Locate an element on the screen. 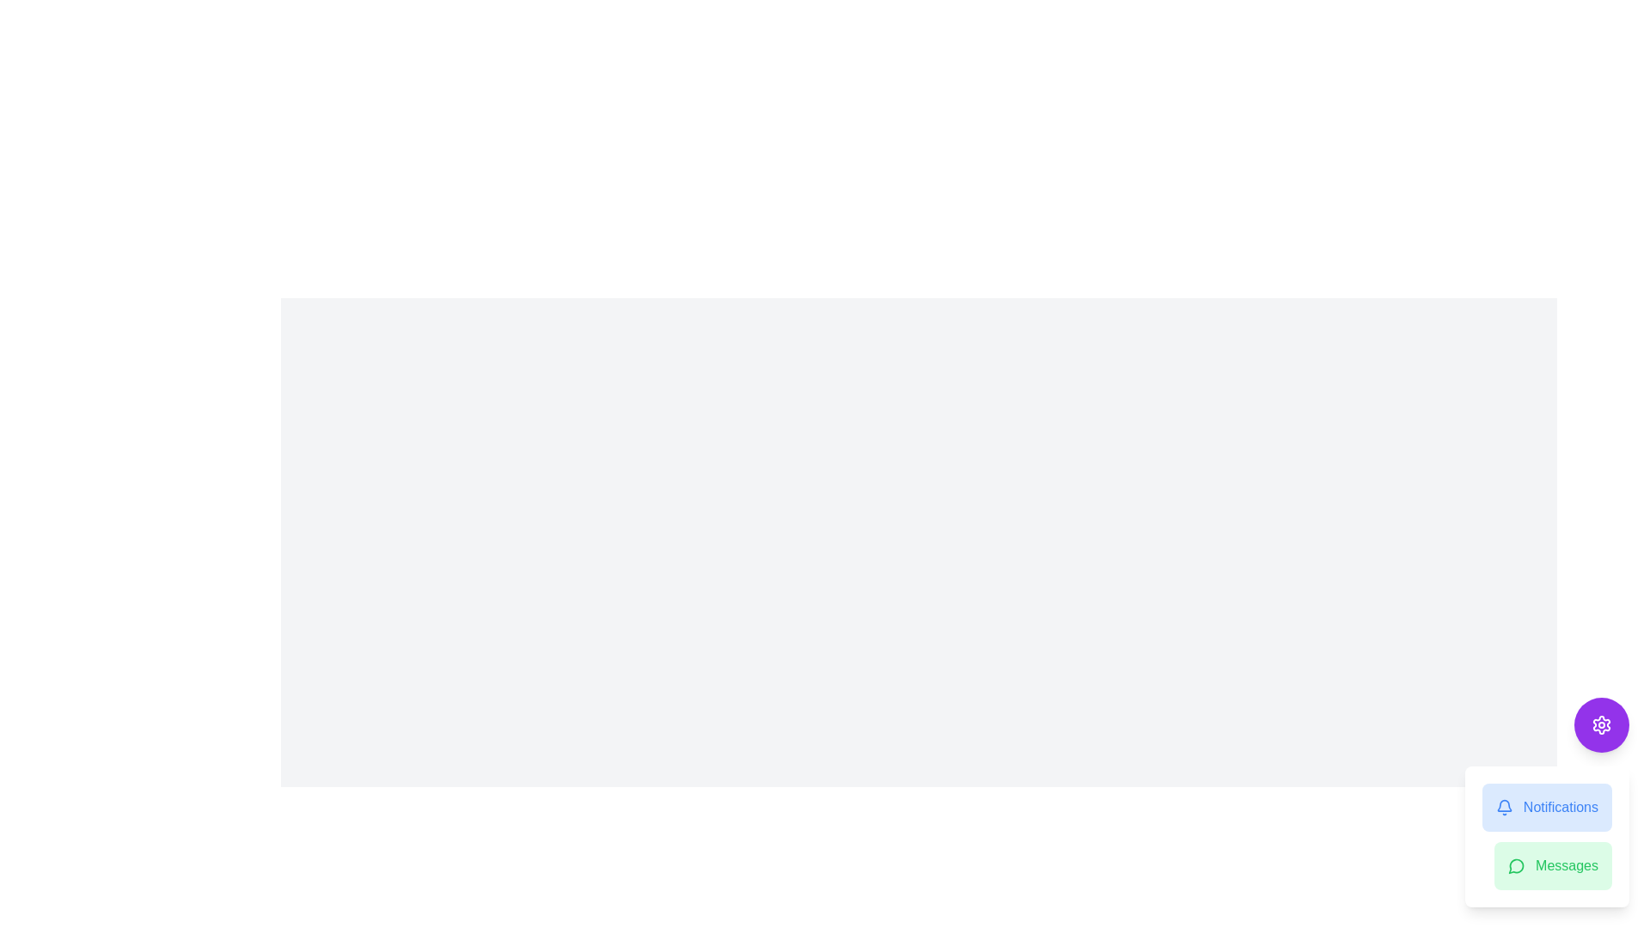 The height and width of the screenshot is (928, 1650). the 'Notifications' button, which features a blue bell icon and has text written in blue is located at coordinates (1547, 808).